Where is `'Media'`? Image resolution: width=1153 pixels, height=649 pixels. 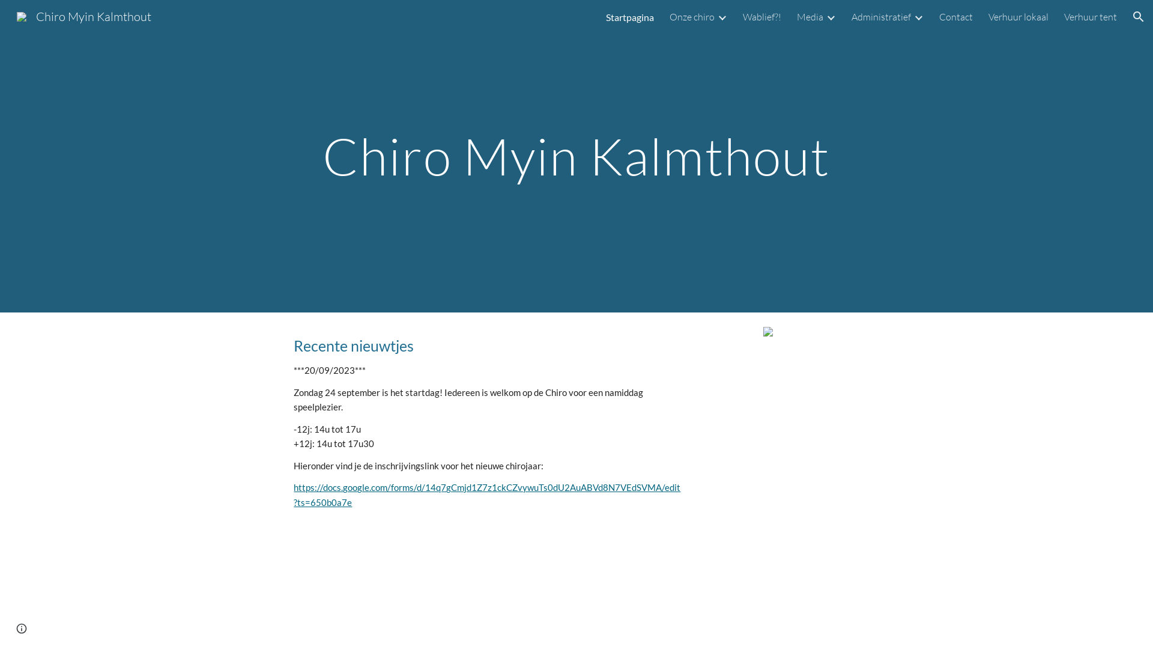 'Media' is located at coordinates (810, 16).